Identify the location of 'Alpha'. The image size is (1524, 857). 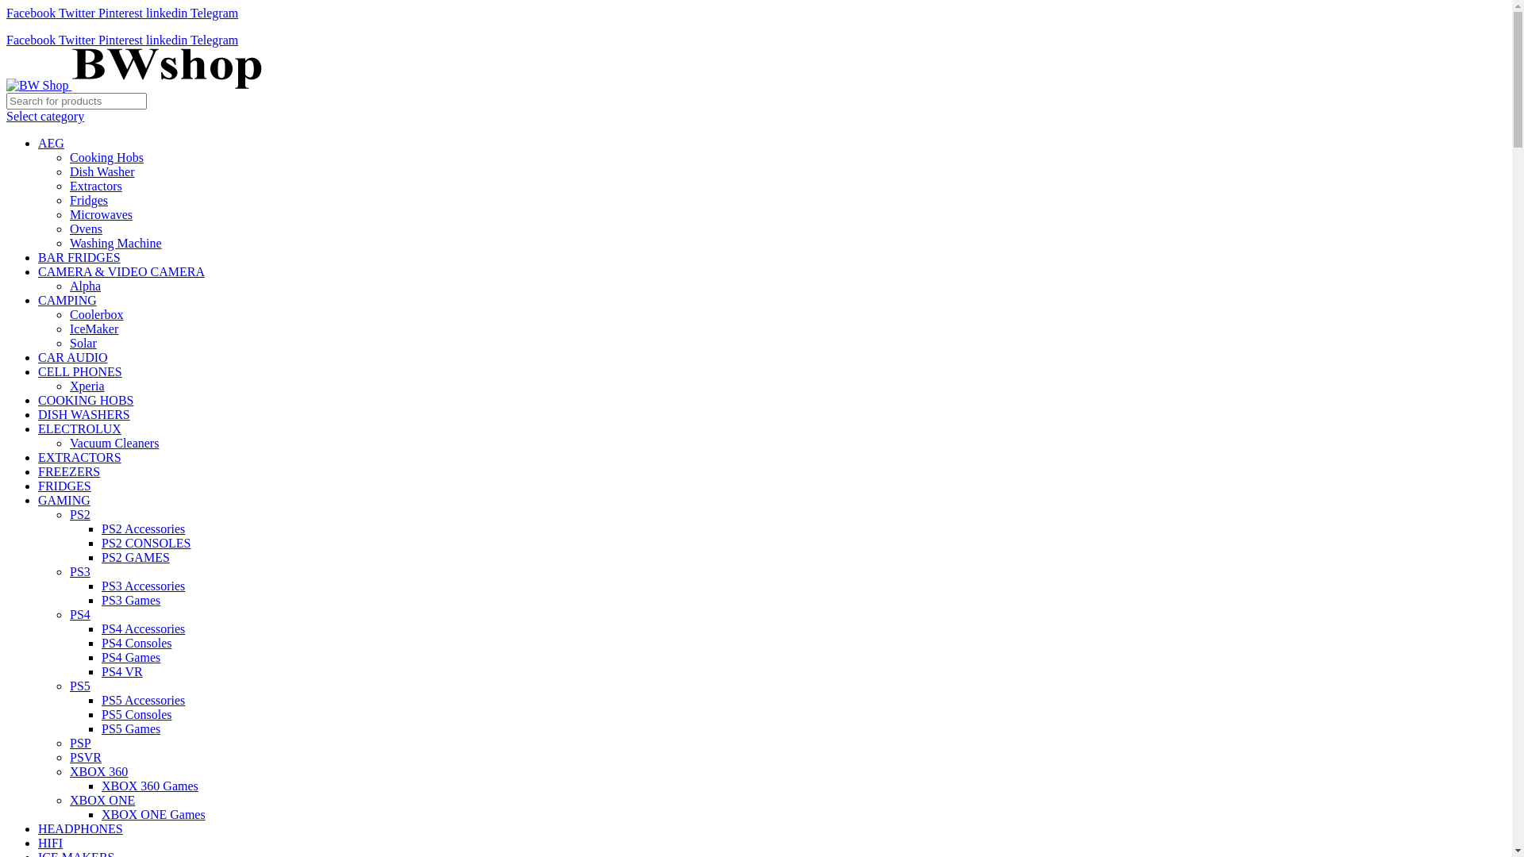
(84, 286).